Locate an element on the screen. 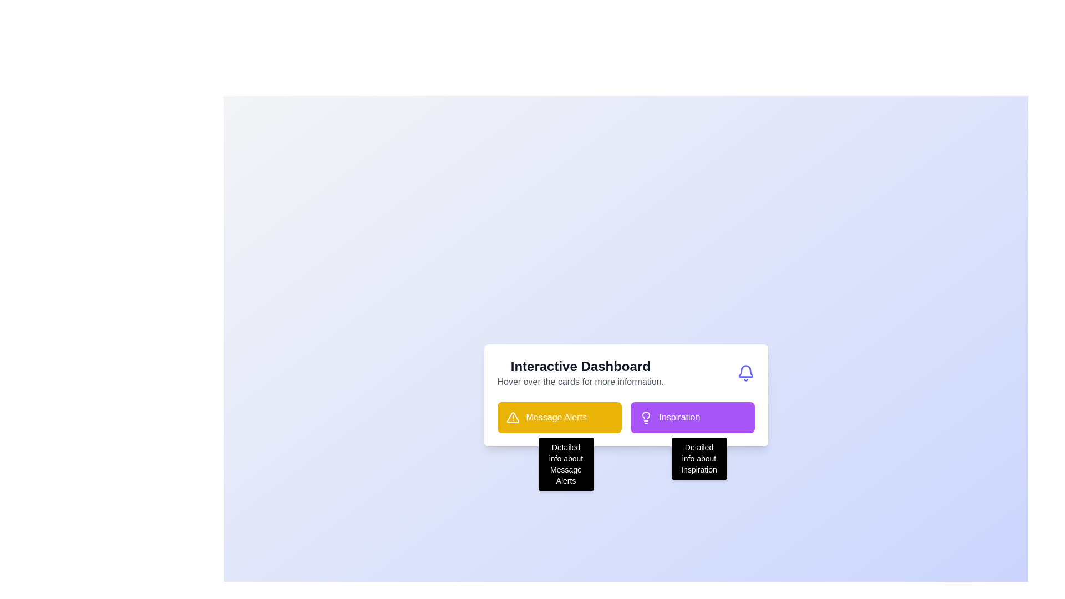 The image size is (1065, 599). informative text block labeled 'Interactive Dashboard' which displays a header and a subtext providing an overview for the dashboard section is located at coordinates (580, 373).